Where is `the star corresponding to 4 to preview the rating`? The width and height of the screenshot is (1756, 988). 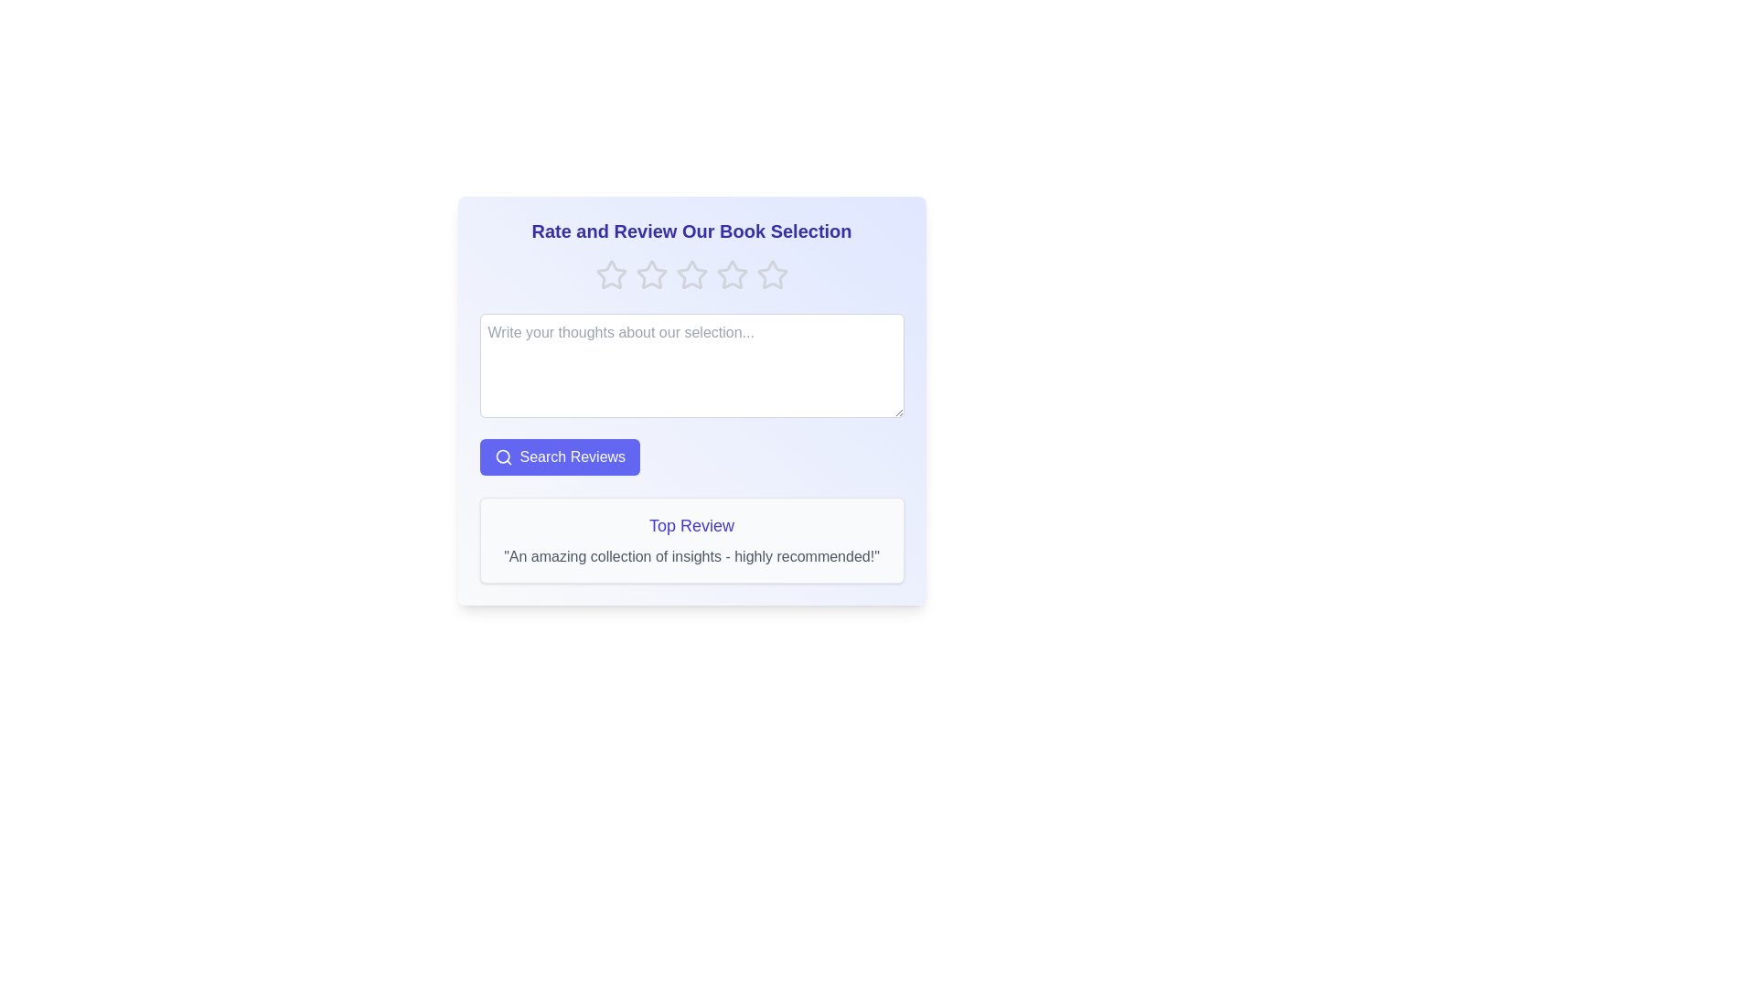 the star corresponding to 4 to preview the rating is located at coordinates (732, 274).